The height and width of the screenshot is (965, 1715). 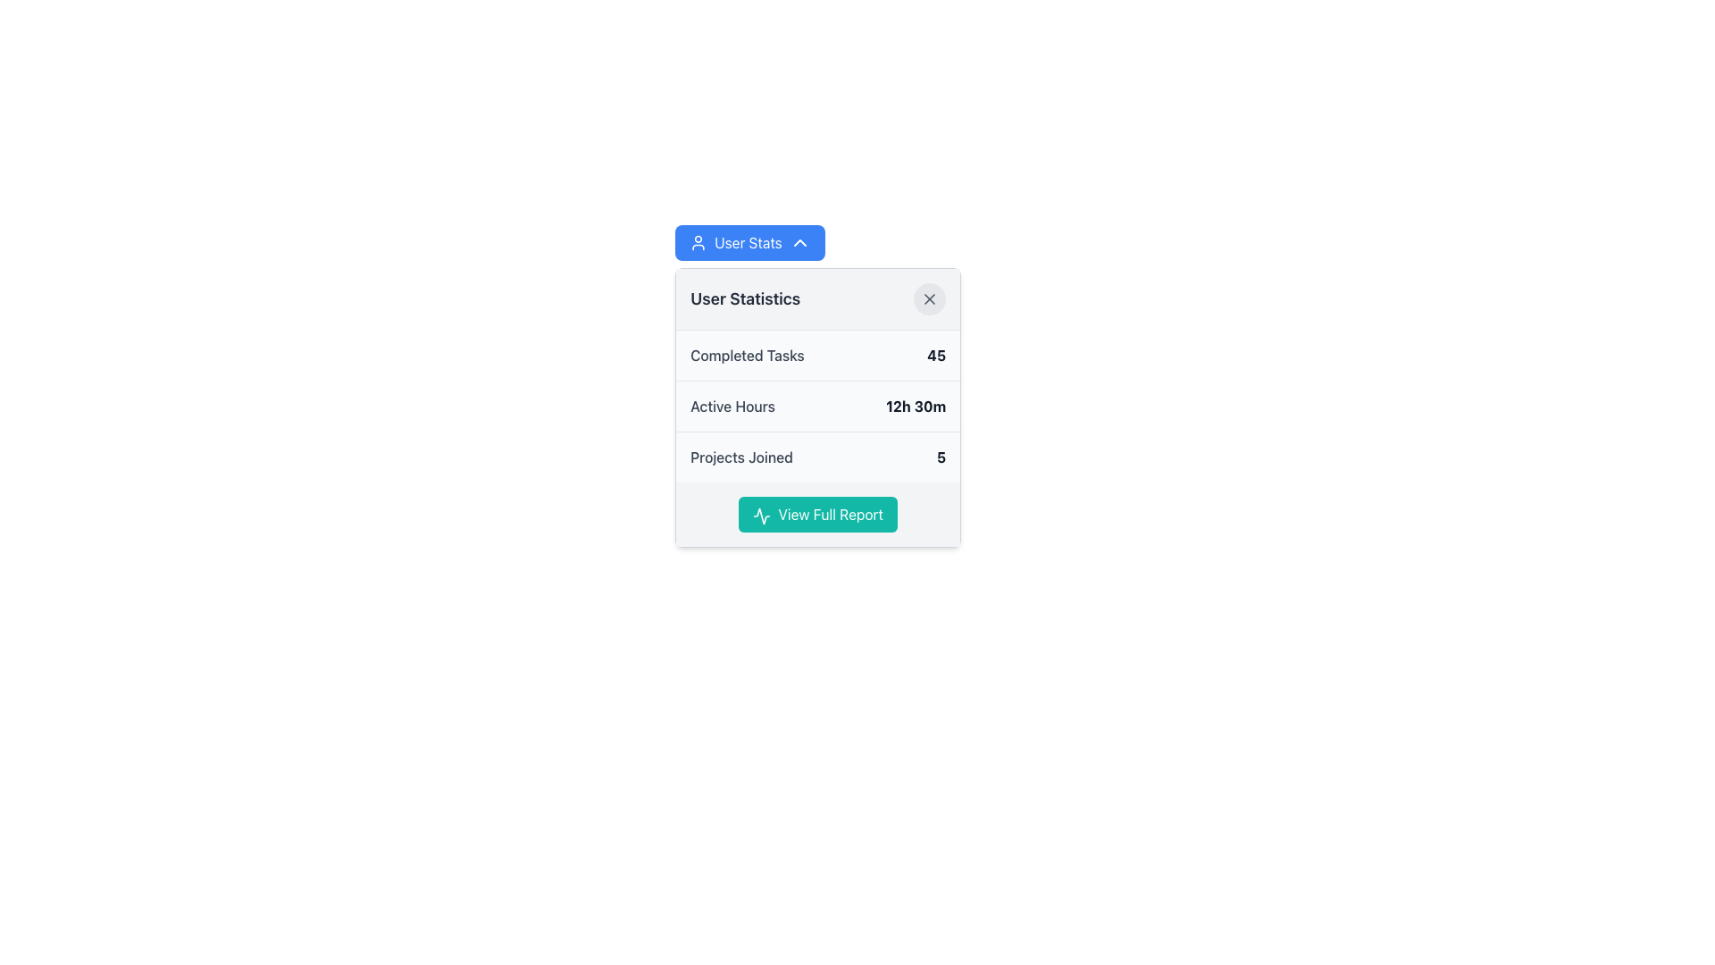 What do you see at coordinates (762, 516) in the screenshot?
I see `the icon that visually accompanies the 'View Full Report' button, located at the left edge of the button's text` at bounding box center [762, 516].